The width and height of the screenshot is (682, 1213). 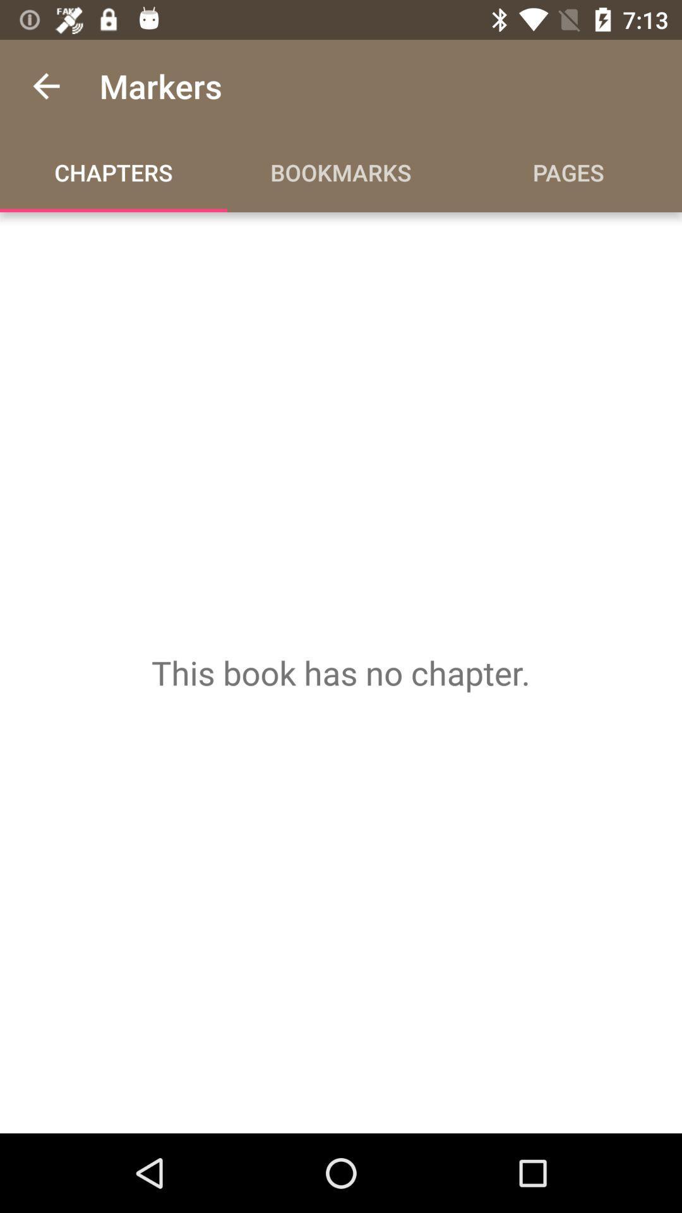 I want to click on the icon above chapters, so click(x=45, y=85).